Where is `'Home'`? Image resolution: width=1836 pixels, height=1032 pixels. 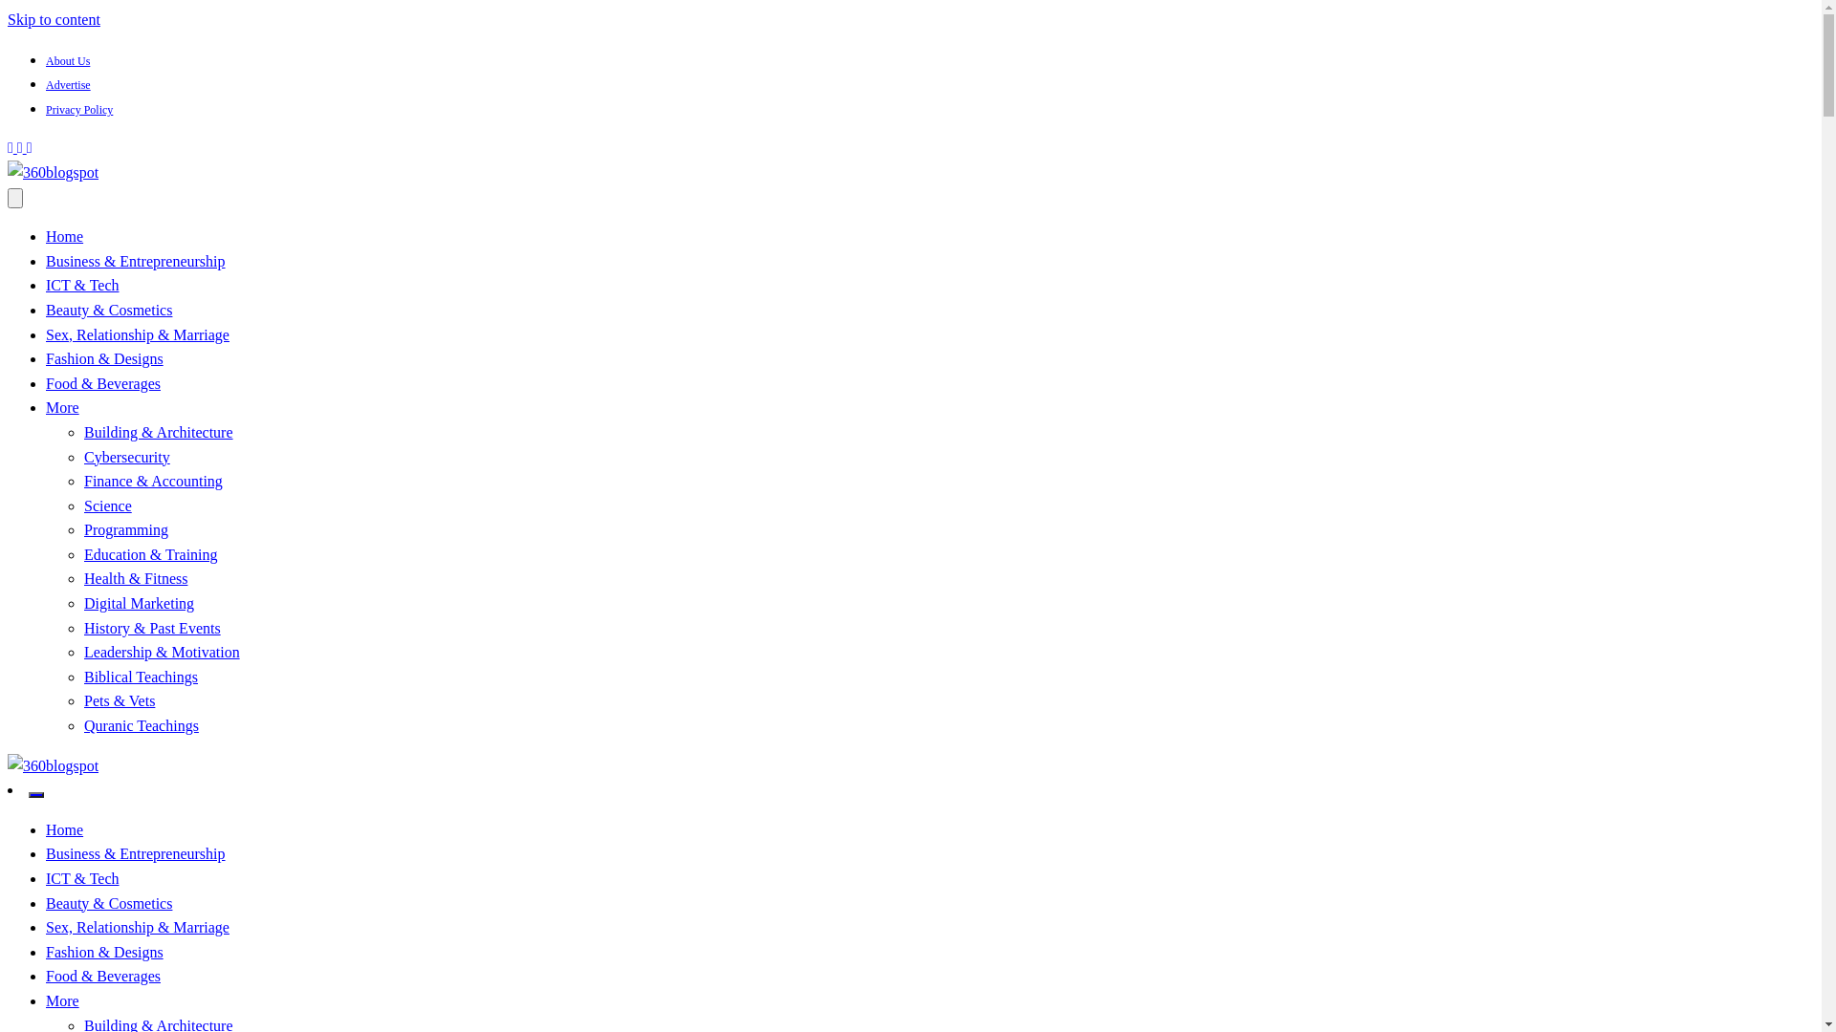
'Home' is located at coordinates (46, 828).